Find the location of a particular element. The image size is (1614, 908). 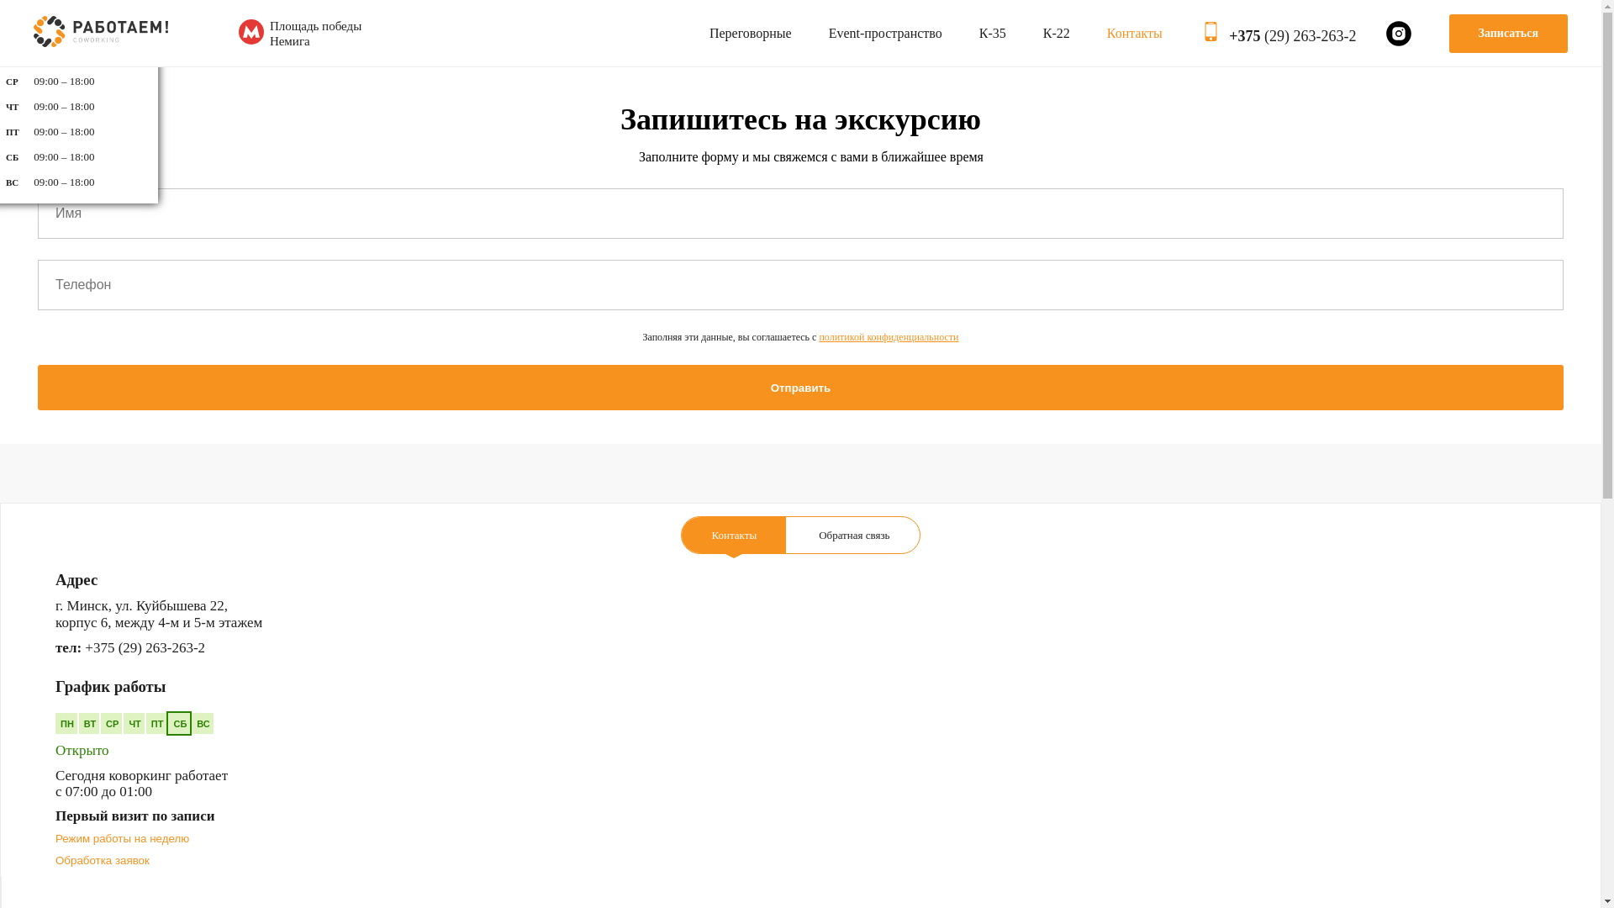

'Instagram' is located at coordinates (1399, 32).